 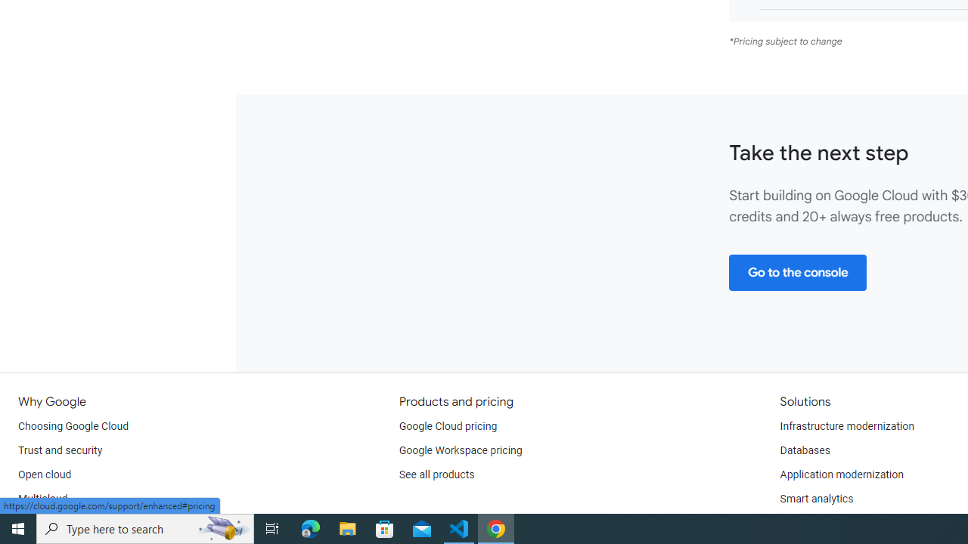 What do you see at coordinates (804, 450) in the screenshot?
I see `'Databases'` at bounding box center [804, 450].